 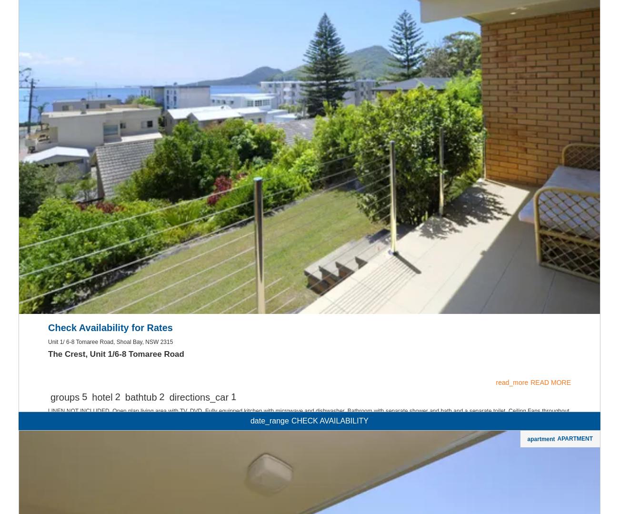 I want to click on 'bathtub', so click(x=140, y=22).